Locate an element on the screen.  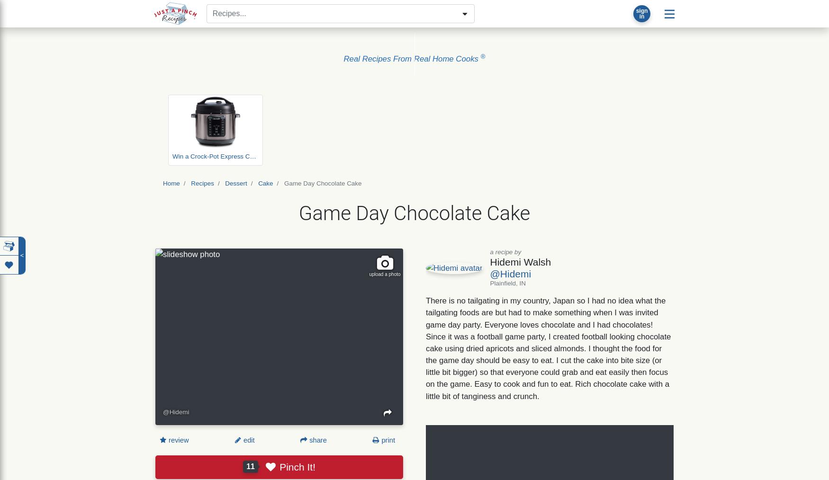
'Win a Crock-Pot Express Cooker' is located at coordinates (219, 156).